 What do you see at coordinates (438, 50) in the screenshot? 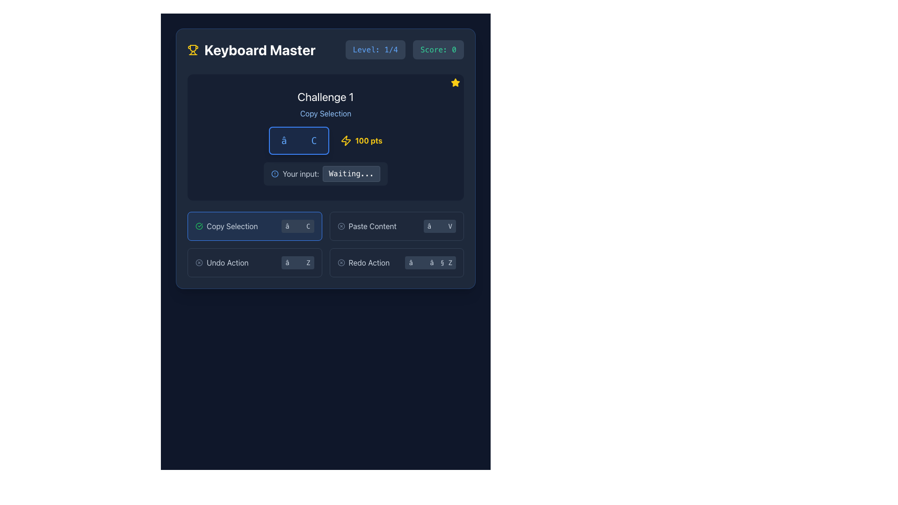
I see `the score display text label that shows 'Score: 0' located in the top-right corner of the interface` at bounding box center [438, 50].